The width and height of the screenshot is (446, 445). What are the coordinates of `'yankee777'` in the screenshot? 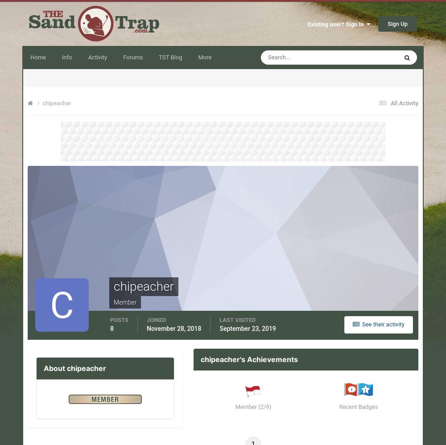 It's located at (301, 311).